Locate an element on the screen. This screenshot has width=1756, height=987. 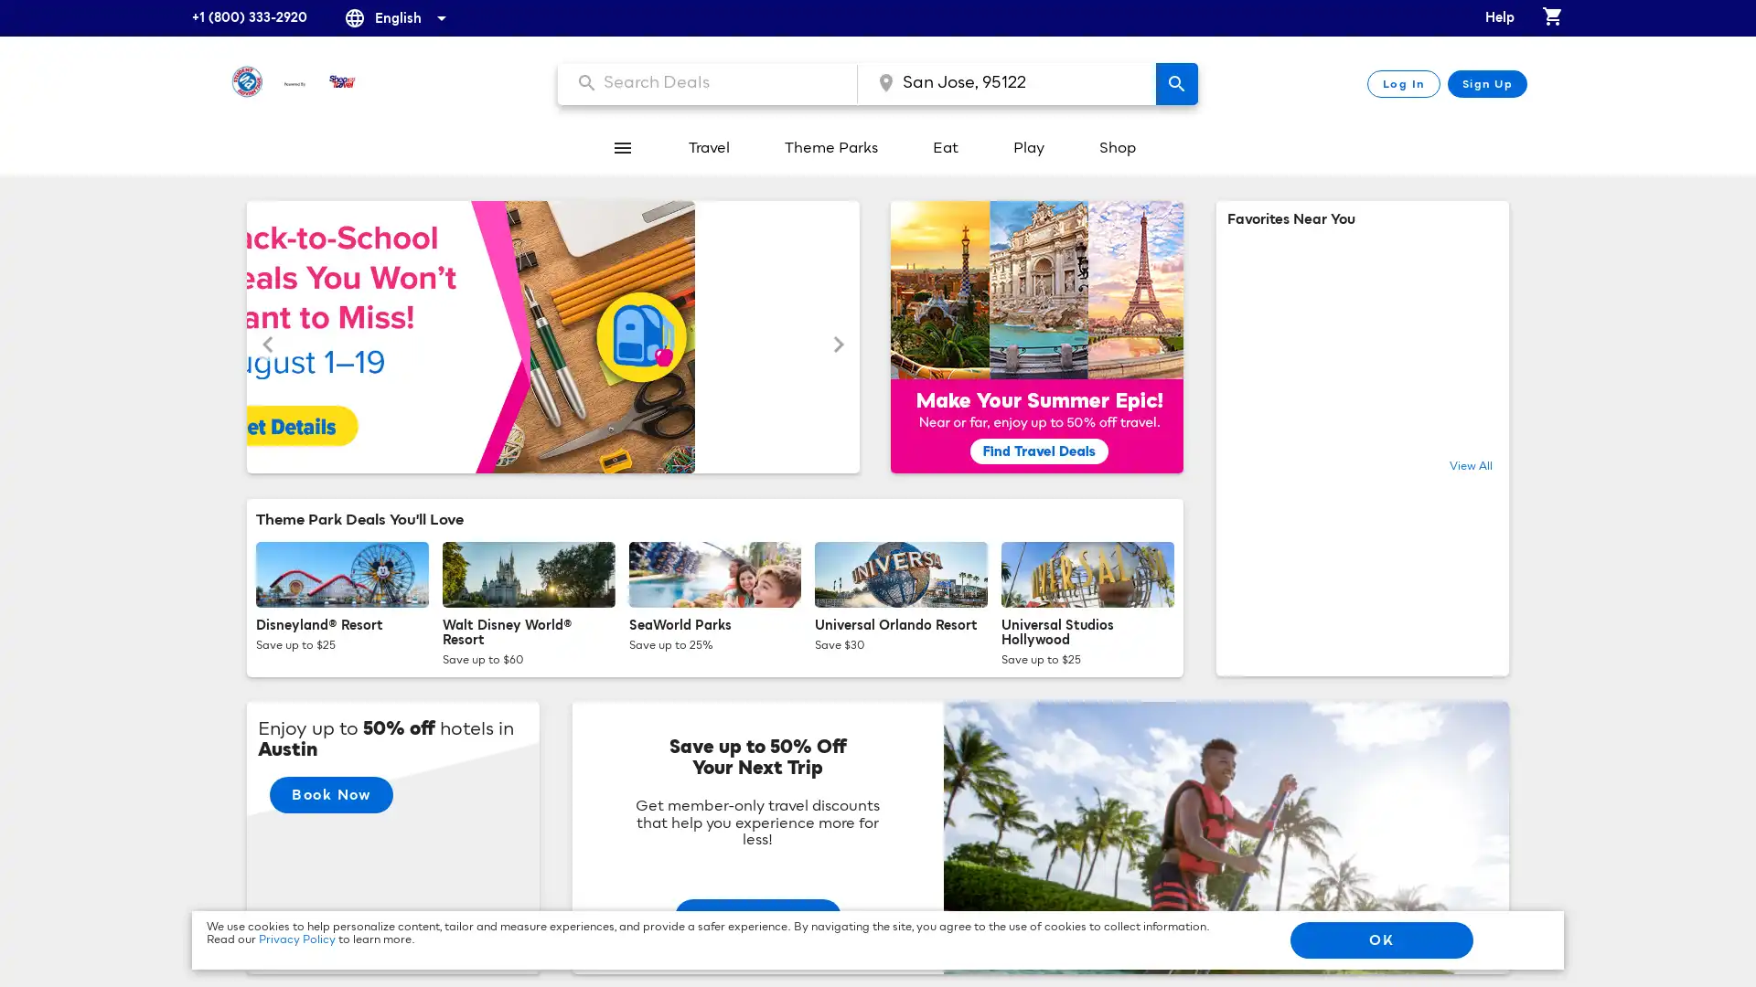
Book Now is located at coordinates (331, 794).